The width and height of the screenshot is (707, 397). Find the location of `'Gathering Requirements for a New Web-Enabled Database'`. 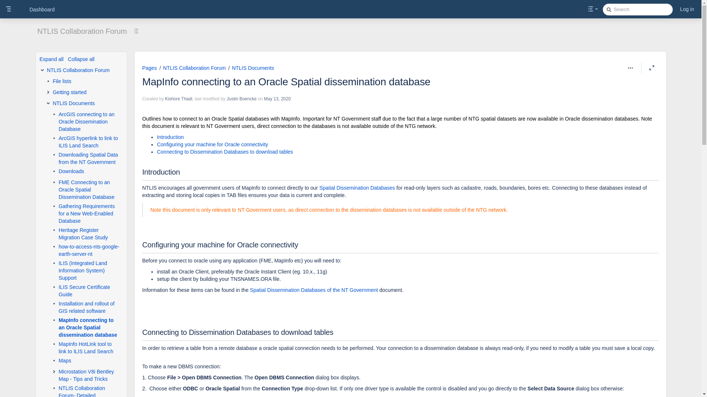

'Gathering Requirements for a New Web-Enabled Database' is located at coordinates (58, 214).